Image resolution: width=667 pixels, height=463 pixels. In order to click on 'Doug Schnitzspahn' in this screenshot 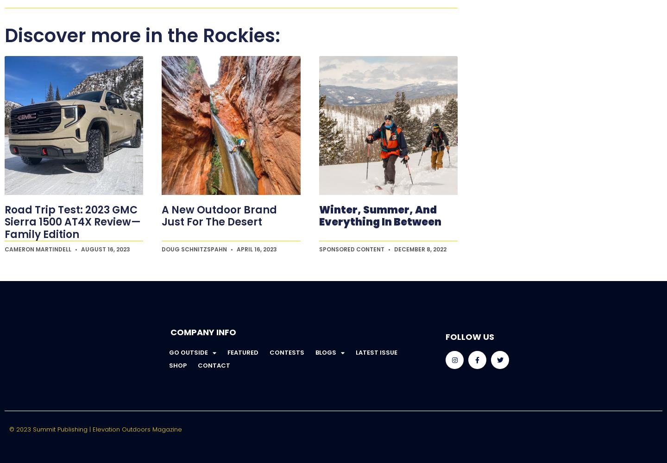, I will do `click(195, 249)`.